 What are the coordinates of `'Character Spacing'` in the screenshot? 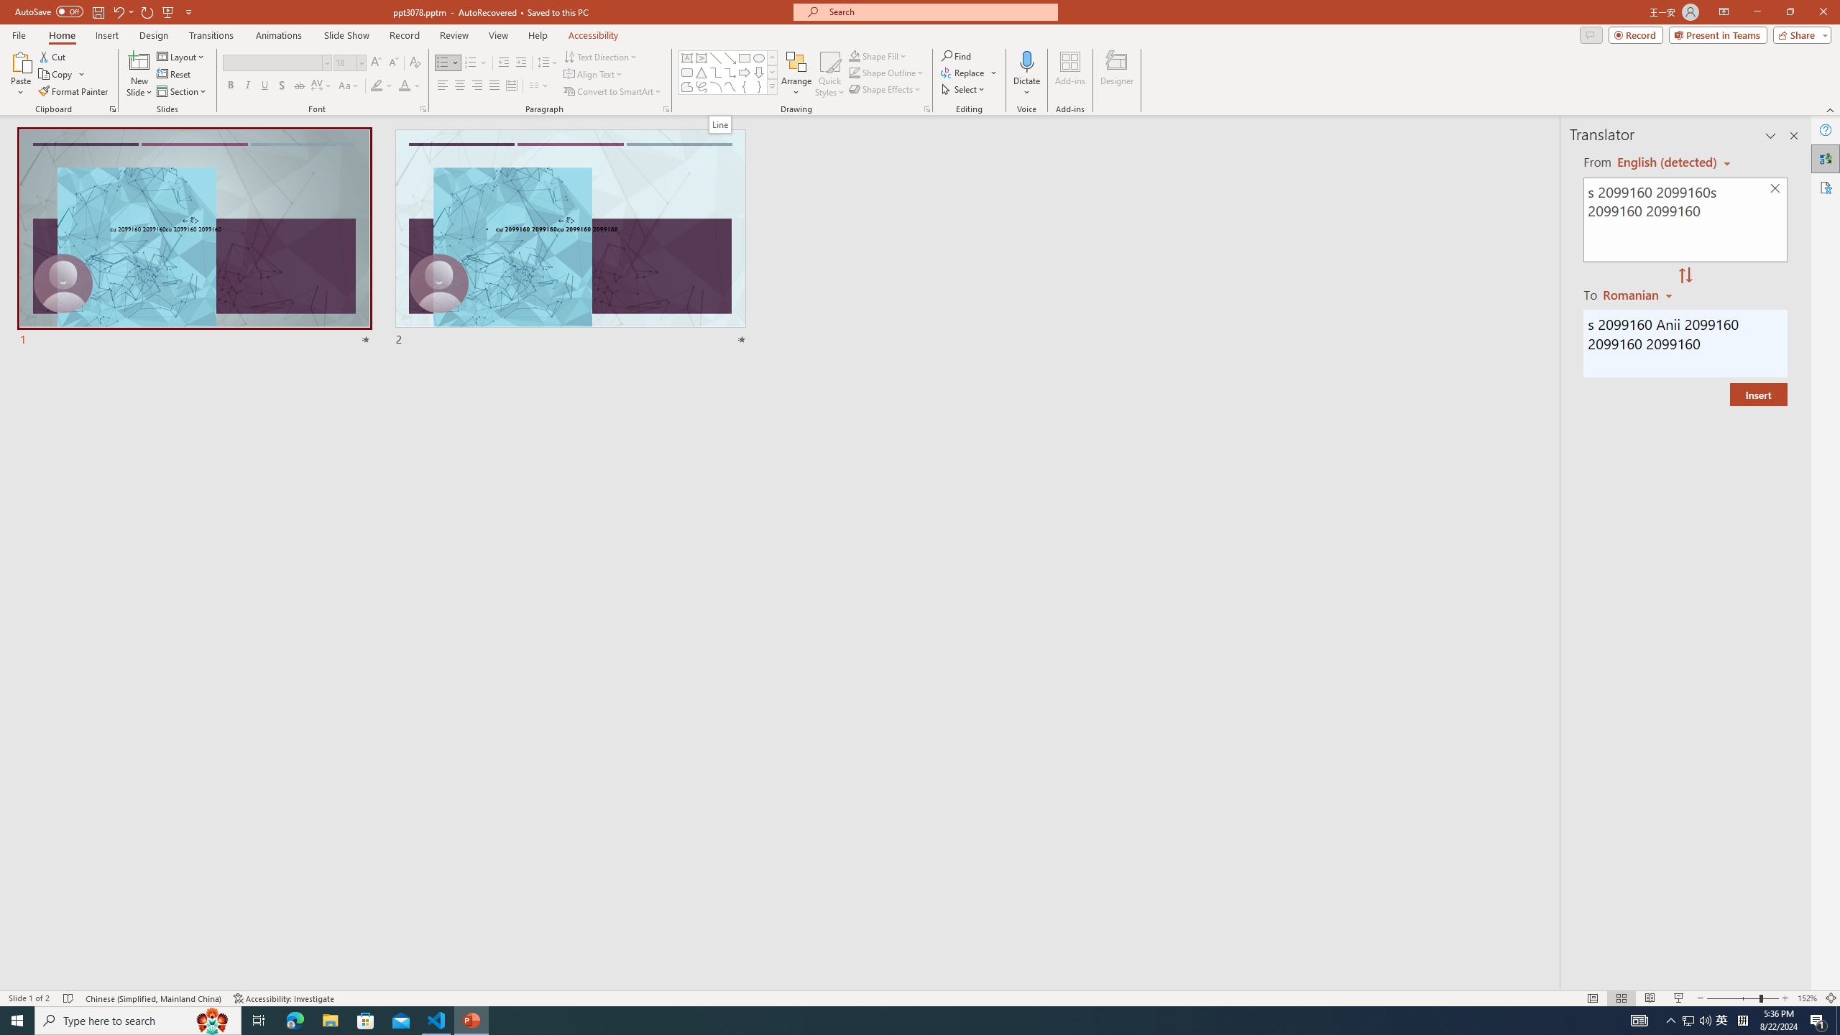 It's located at (322, 85).